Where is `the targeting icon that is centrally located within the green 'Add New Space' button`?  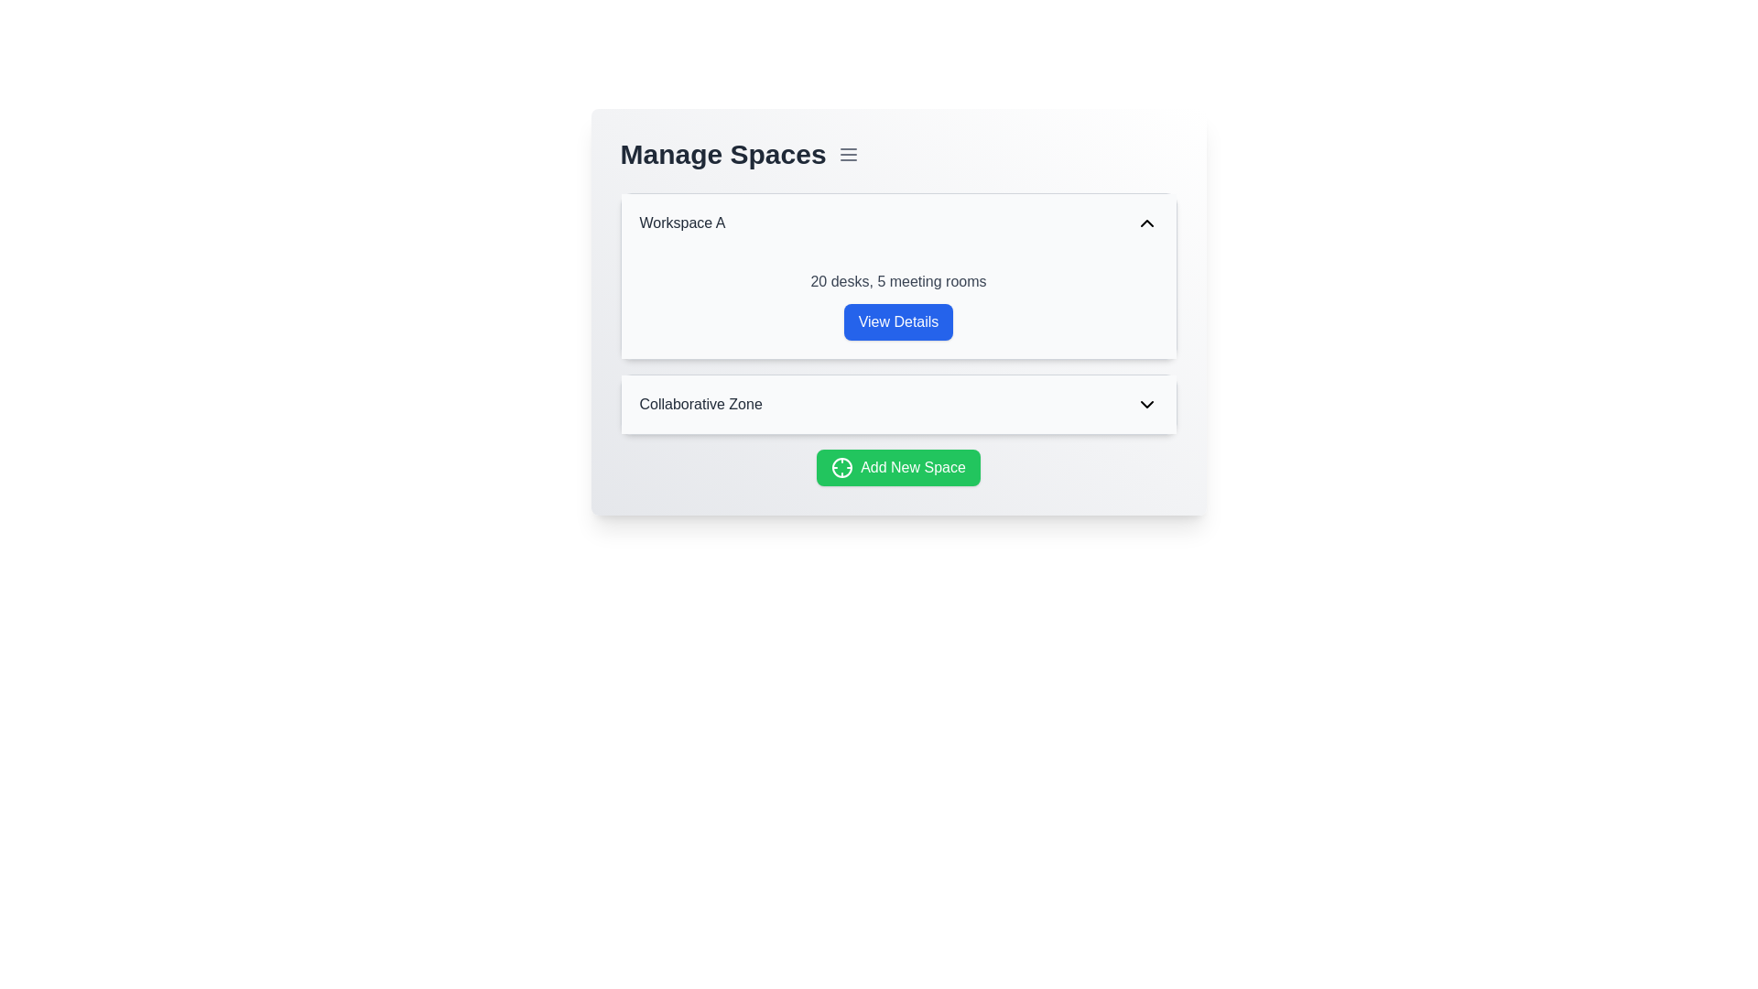 the targeting icon that is centrally located within the green 'Add New Space' button is located at coordinates (841, 466).